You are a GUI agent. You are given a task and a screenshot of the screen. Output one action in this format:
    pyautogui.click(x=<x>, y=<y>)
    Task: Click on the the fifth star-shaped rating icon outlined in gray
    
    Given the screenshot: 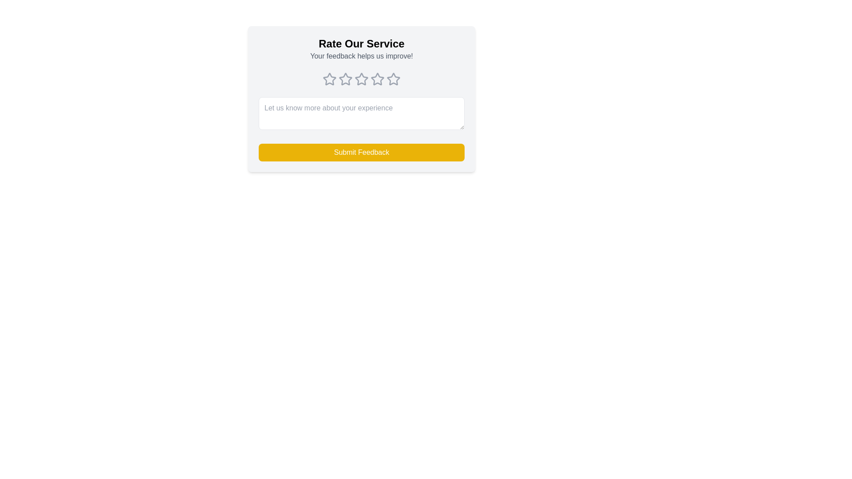 What is the action you would take?
    pyautogui.click(x=393, y=79)
    